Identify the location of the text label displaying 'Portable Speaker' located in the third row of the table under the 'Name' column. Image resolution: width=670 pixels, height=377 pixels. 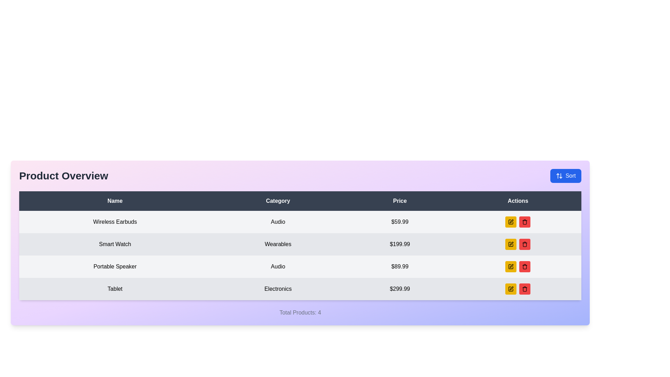
(115, 266).